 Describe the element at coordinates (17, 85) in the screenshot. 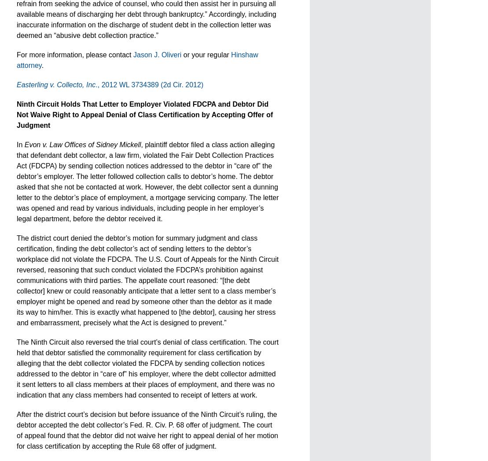

I see `'Easterling v. Collecto, Inc'` at that location.